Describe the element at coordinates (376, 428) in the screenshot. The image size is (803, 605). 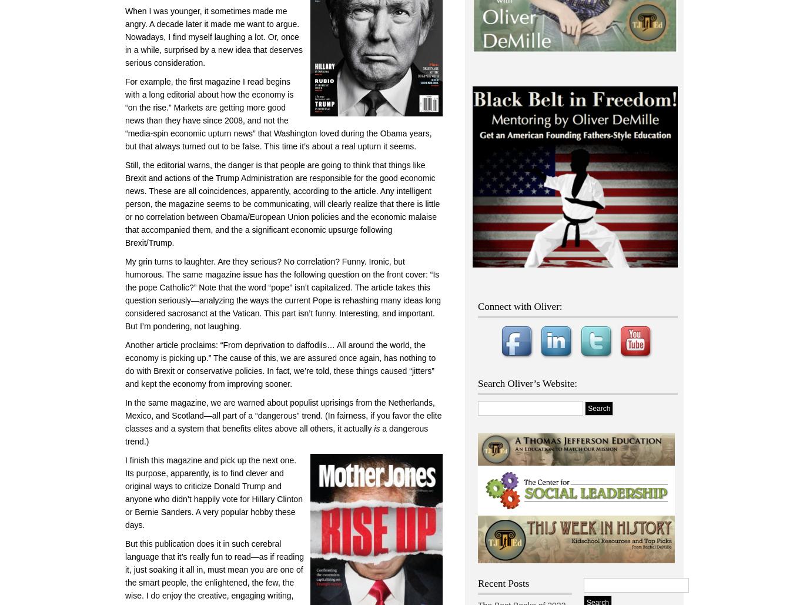
I see `'is'` at that location.